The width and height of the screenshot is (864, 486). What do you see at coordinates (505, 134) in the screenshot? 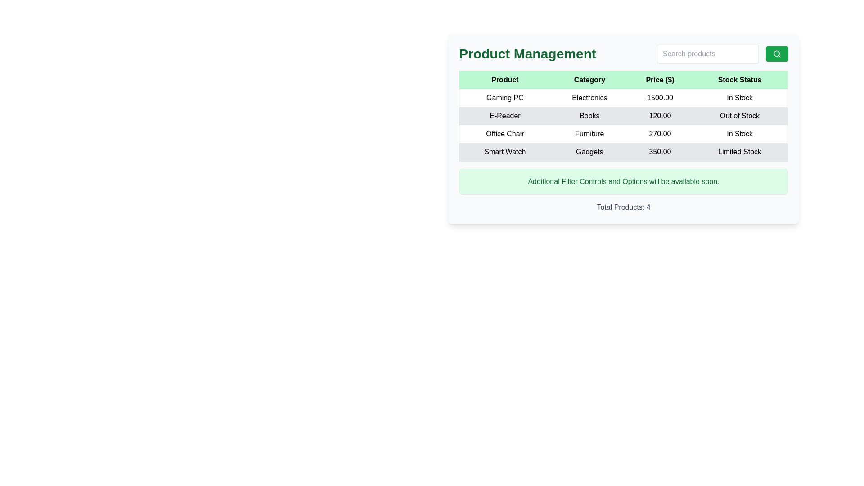
I see `the text label displaying 'Office Chair' in the first column of the product listing table, located in the third row` at bounding box center [505, 134].